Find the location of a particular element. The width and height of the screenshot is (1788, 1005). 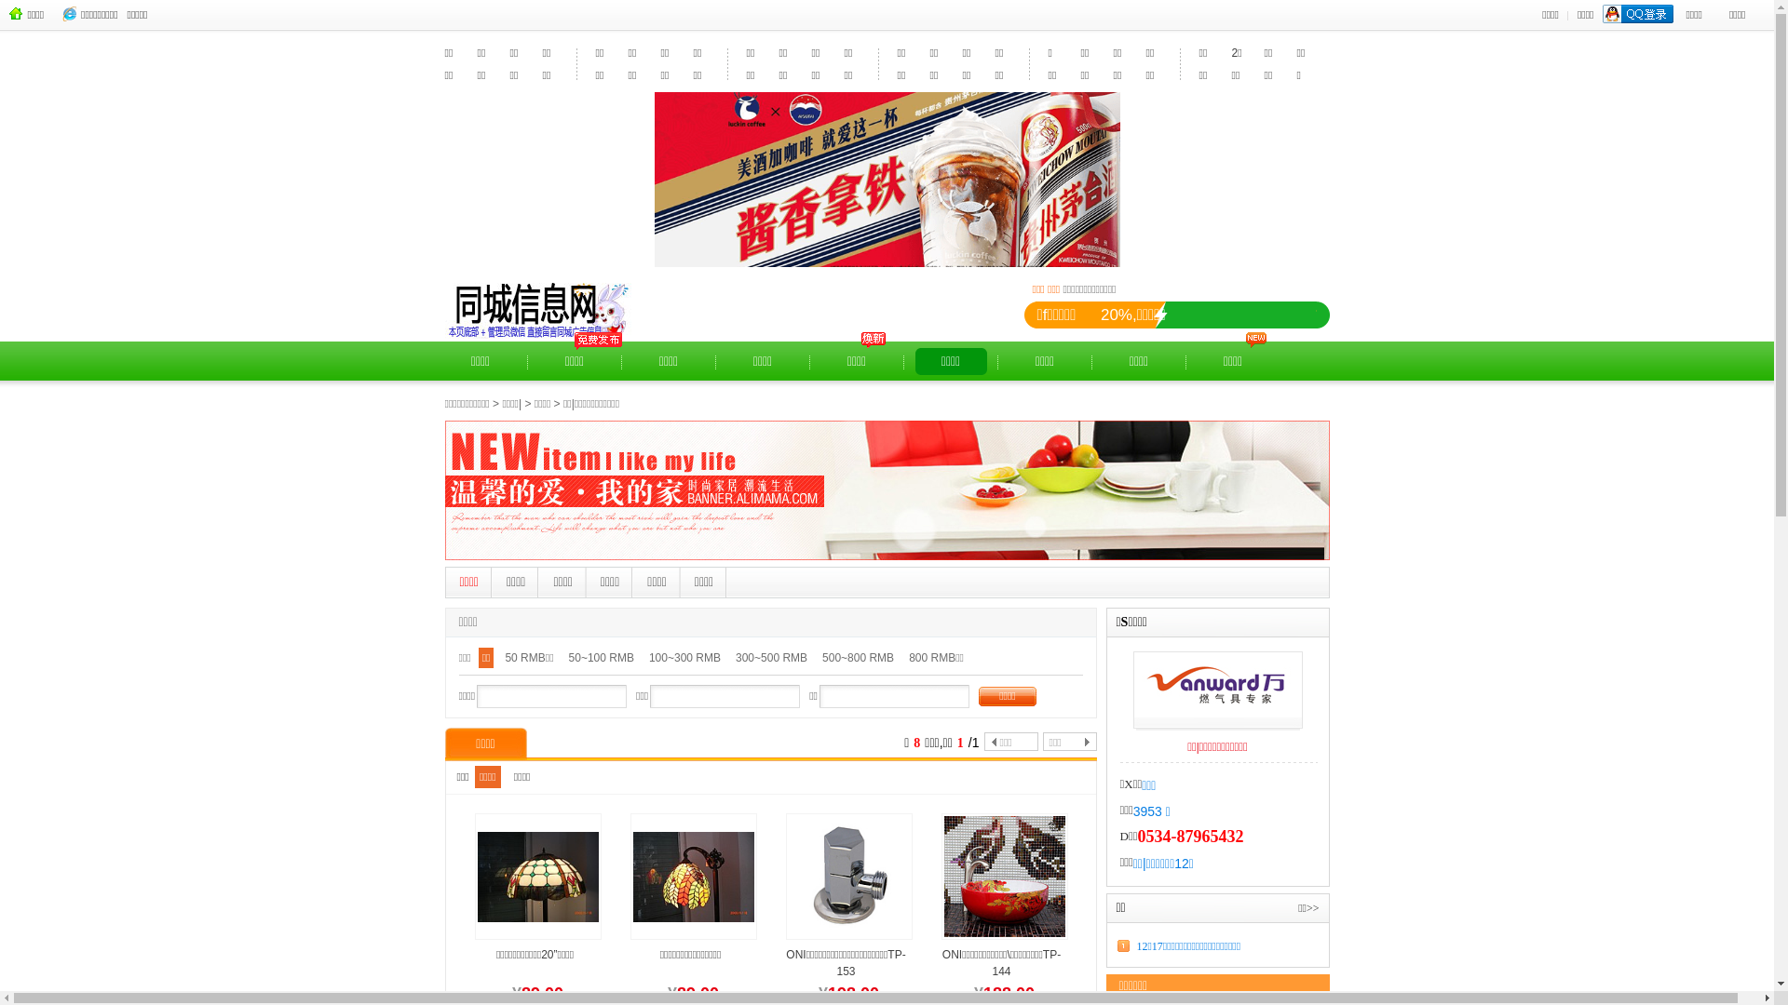

'100~300 RMB' is located at coordinates (684, 685).